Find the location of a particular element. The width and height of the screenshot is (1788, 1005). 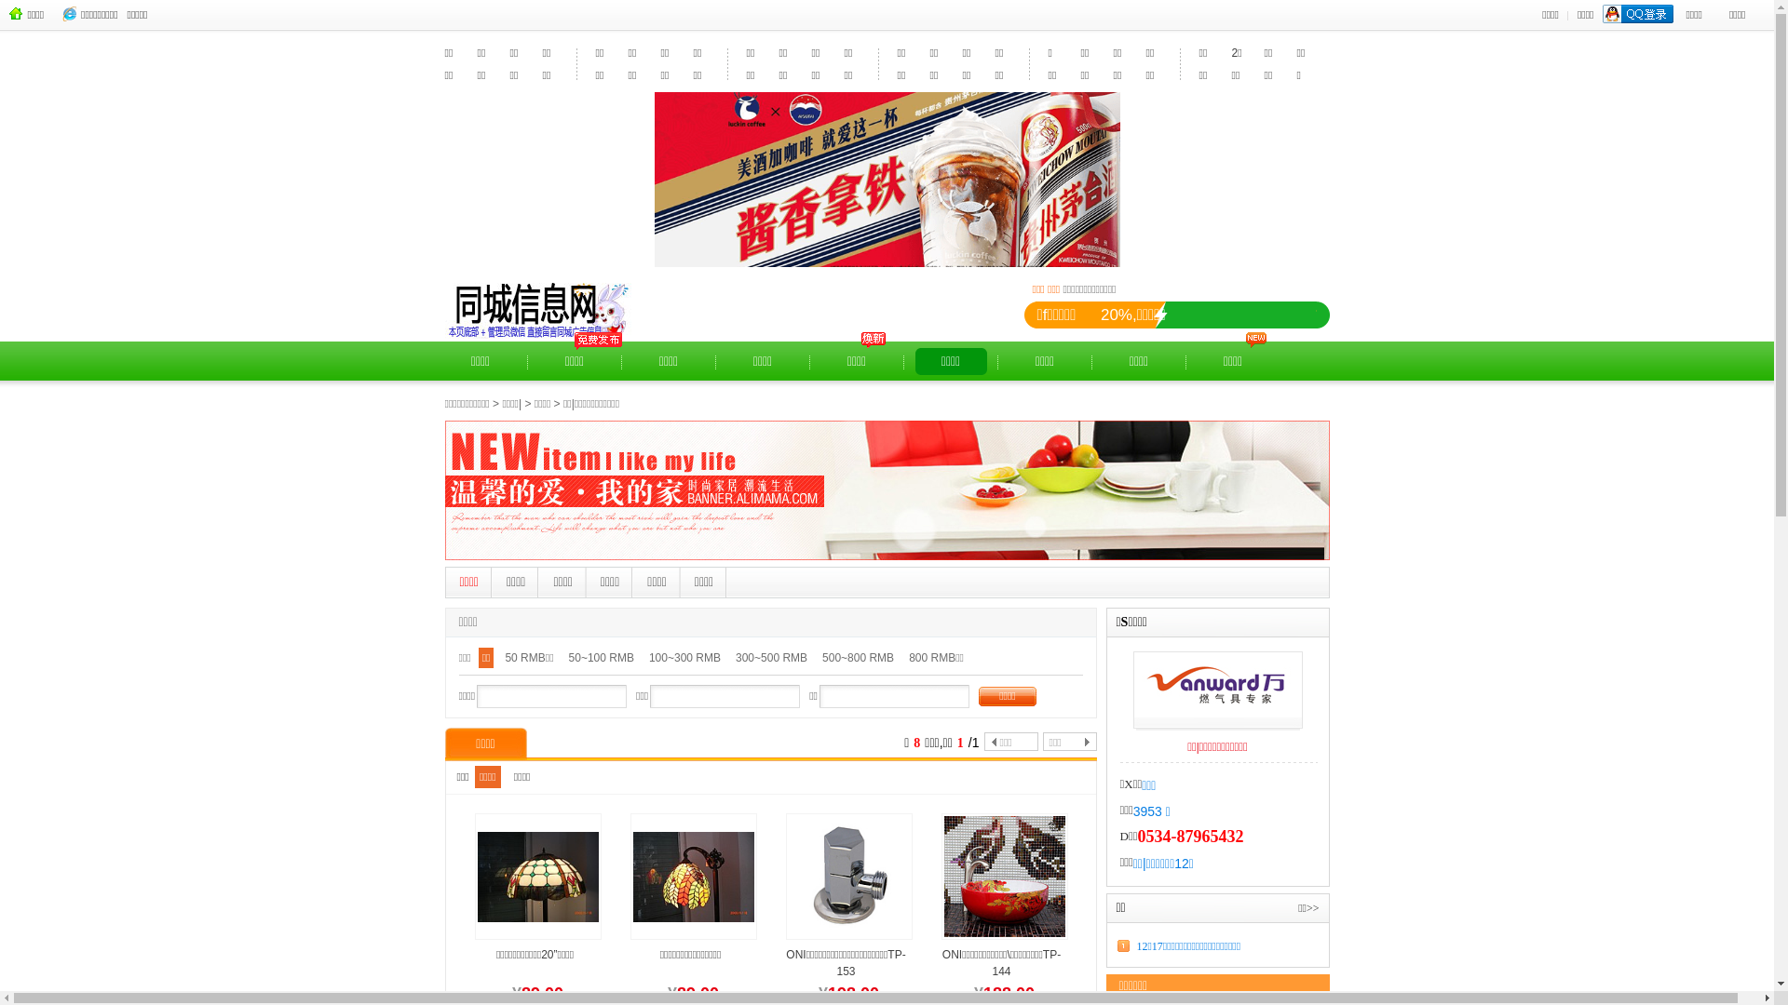

'100~300 RMB' is located at coordinates (684, 685).